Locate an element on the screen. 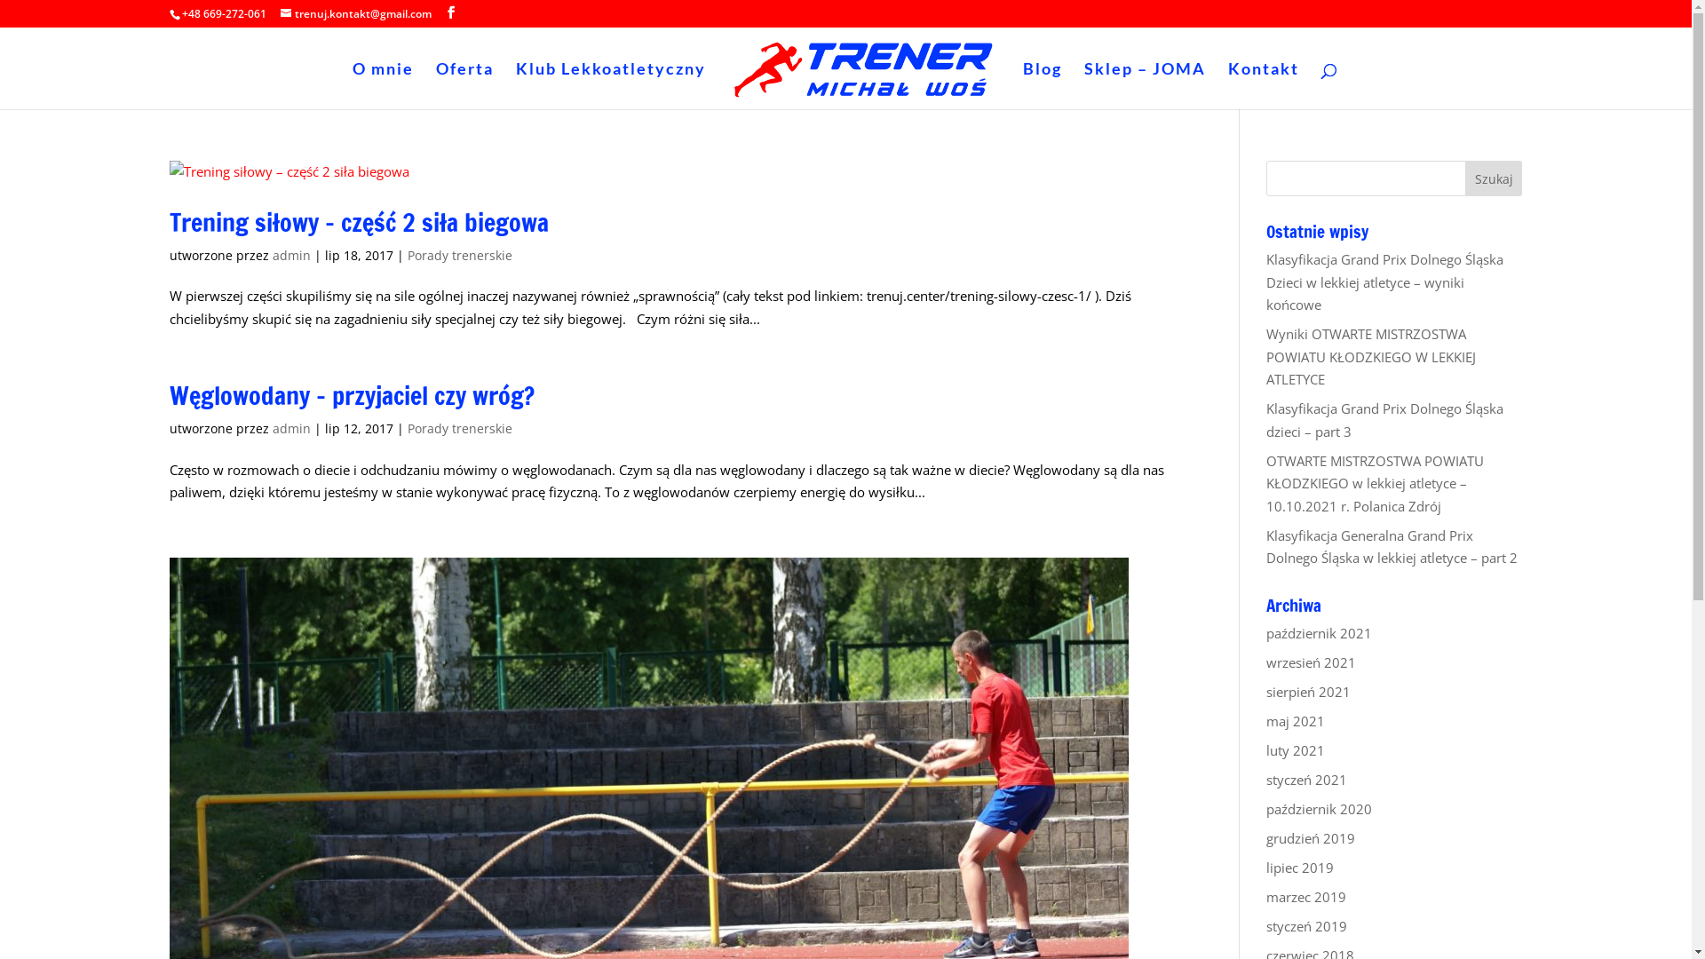 The image size is (1705, 959). 'Szukaj' is located at coordinates (1493, 178).